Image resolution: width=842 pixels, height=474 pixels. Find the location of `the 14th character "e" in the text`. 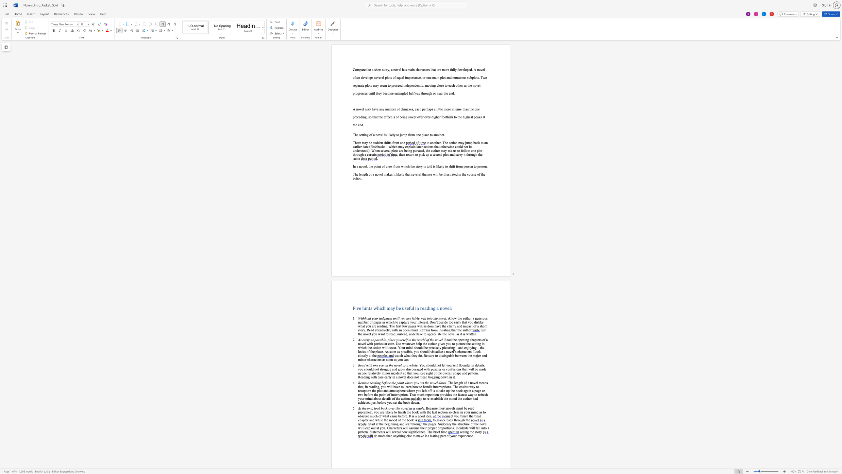

the 14th character "e" in the text is located at coordinates (379, 330).